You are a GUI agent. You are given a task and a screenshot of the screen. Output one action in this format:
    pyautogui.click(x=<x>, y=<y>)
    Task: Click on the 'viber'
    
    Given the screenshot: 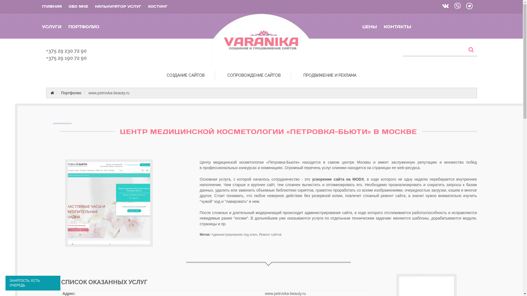 What is the action you would take?
    pyautogui.click(x=457, y=7)
    